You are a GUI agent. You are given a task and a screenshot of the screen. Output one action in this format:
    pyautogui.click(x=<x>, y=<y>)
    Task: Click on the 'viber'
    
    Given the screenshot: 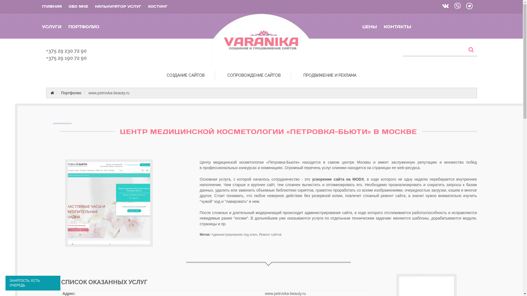 What is the action you would take?
    pyautogui.click(x=457, y=7)
    